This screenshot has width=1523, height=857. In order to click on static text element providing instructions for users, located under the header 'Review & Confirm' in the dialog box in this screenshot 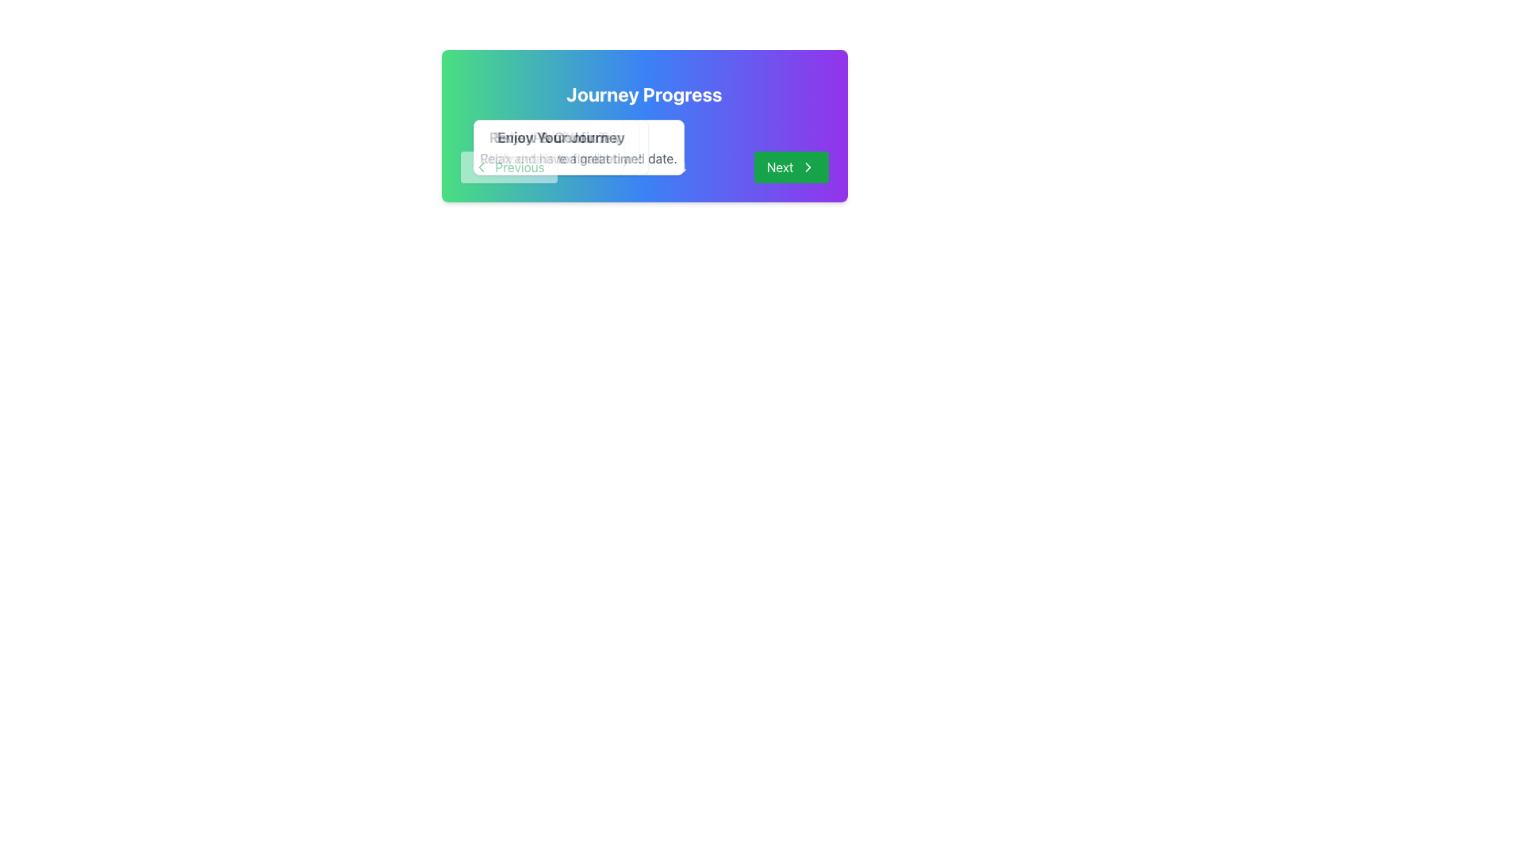, I will do `click(548, 159)`.